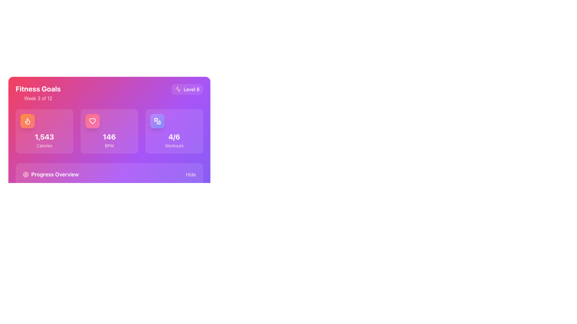 This screenshot has height=324, width=577. What do you see at coordinates (109, 136) in the screenshot?
I see `the Text Display that shows the numerical value '146' in bold white text, positioned above the 'BPM' text and aligned with an icon` at bounding box center [109, 136].